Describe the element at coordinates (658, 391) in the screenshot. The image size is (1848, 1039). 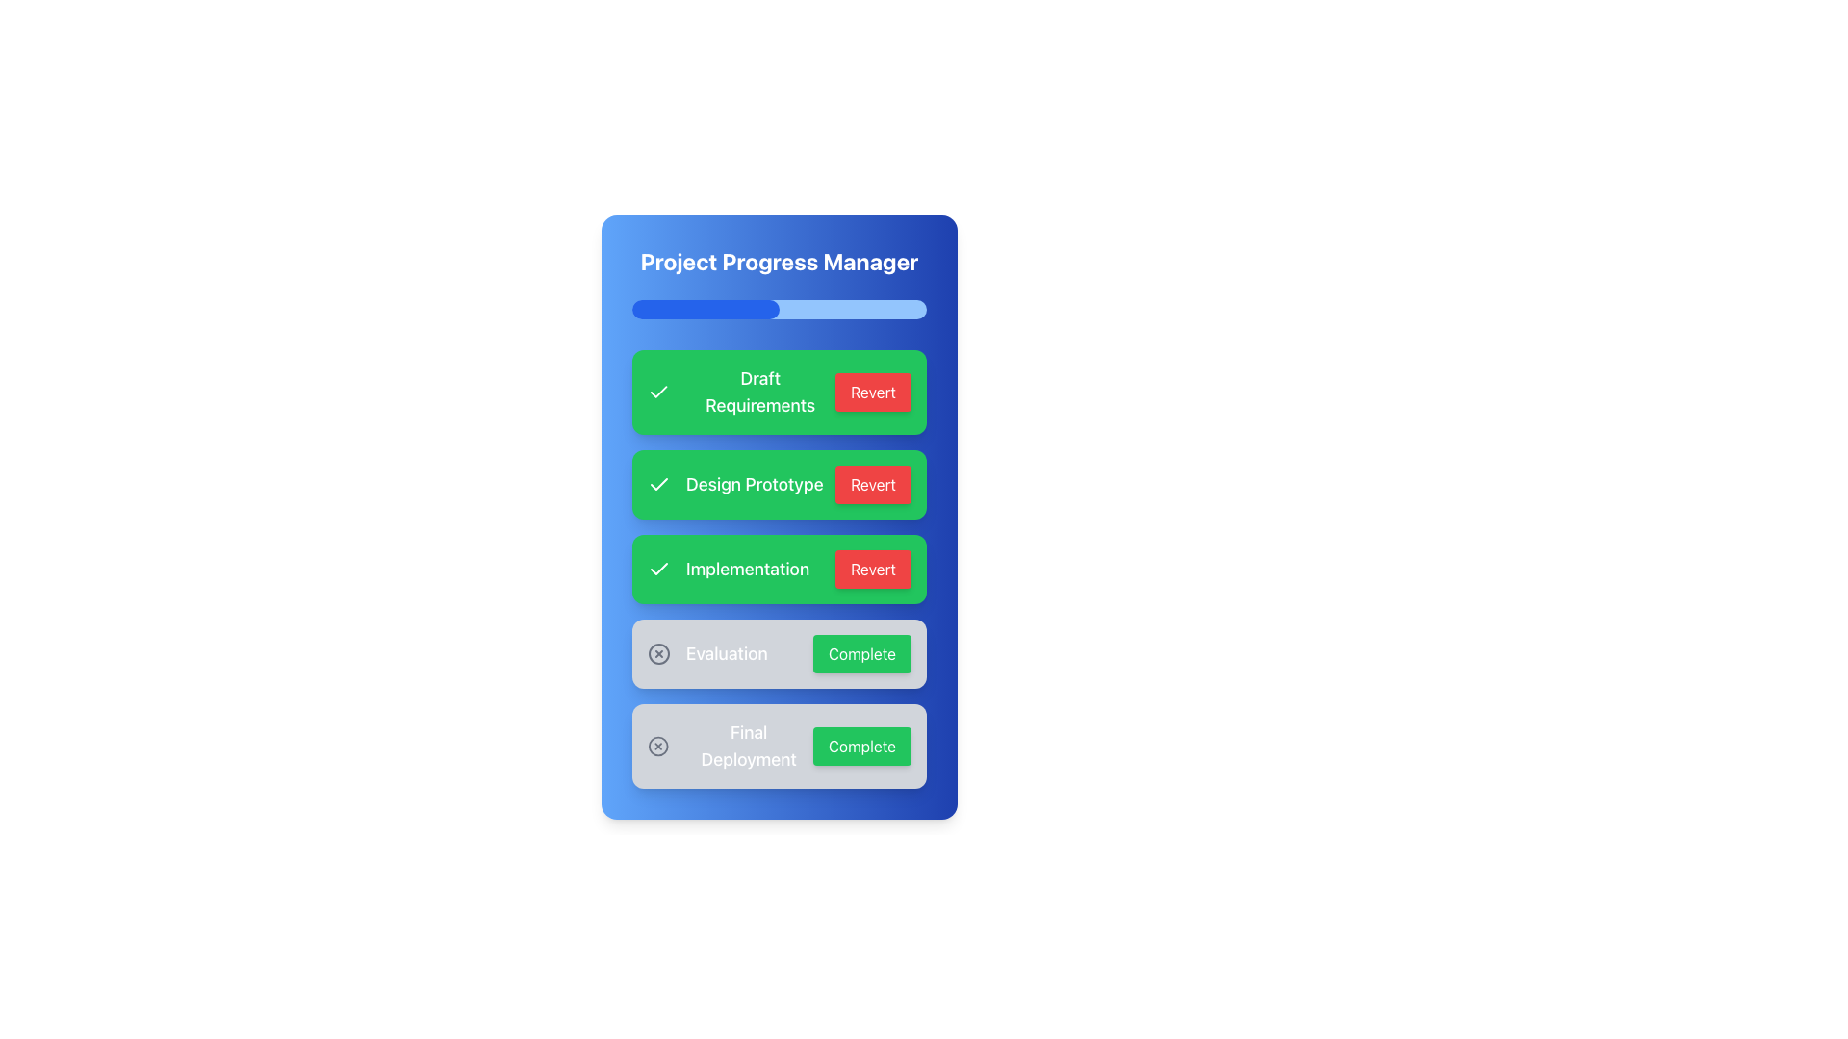
I see `the second checkmark icon in a green rectangular background, which indicates a completed state, positioned to the left of the text 'Design Prototype'` at that location.